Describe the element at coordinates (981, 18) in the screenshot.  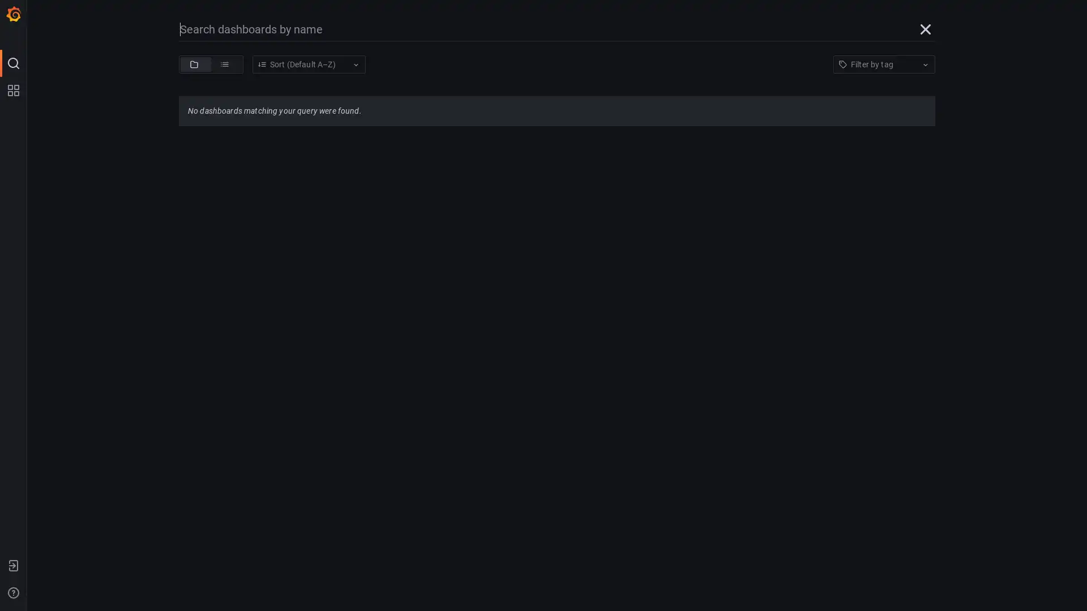
I see `Move time range forwards` at that location.